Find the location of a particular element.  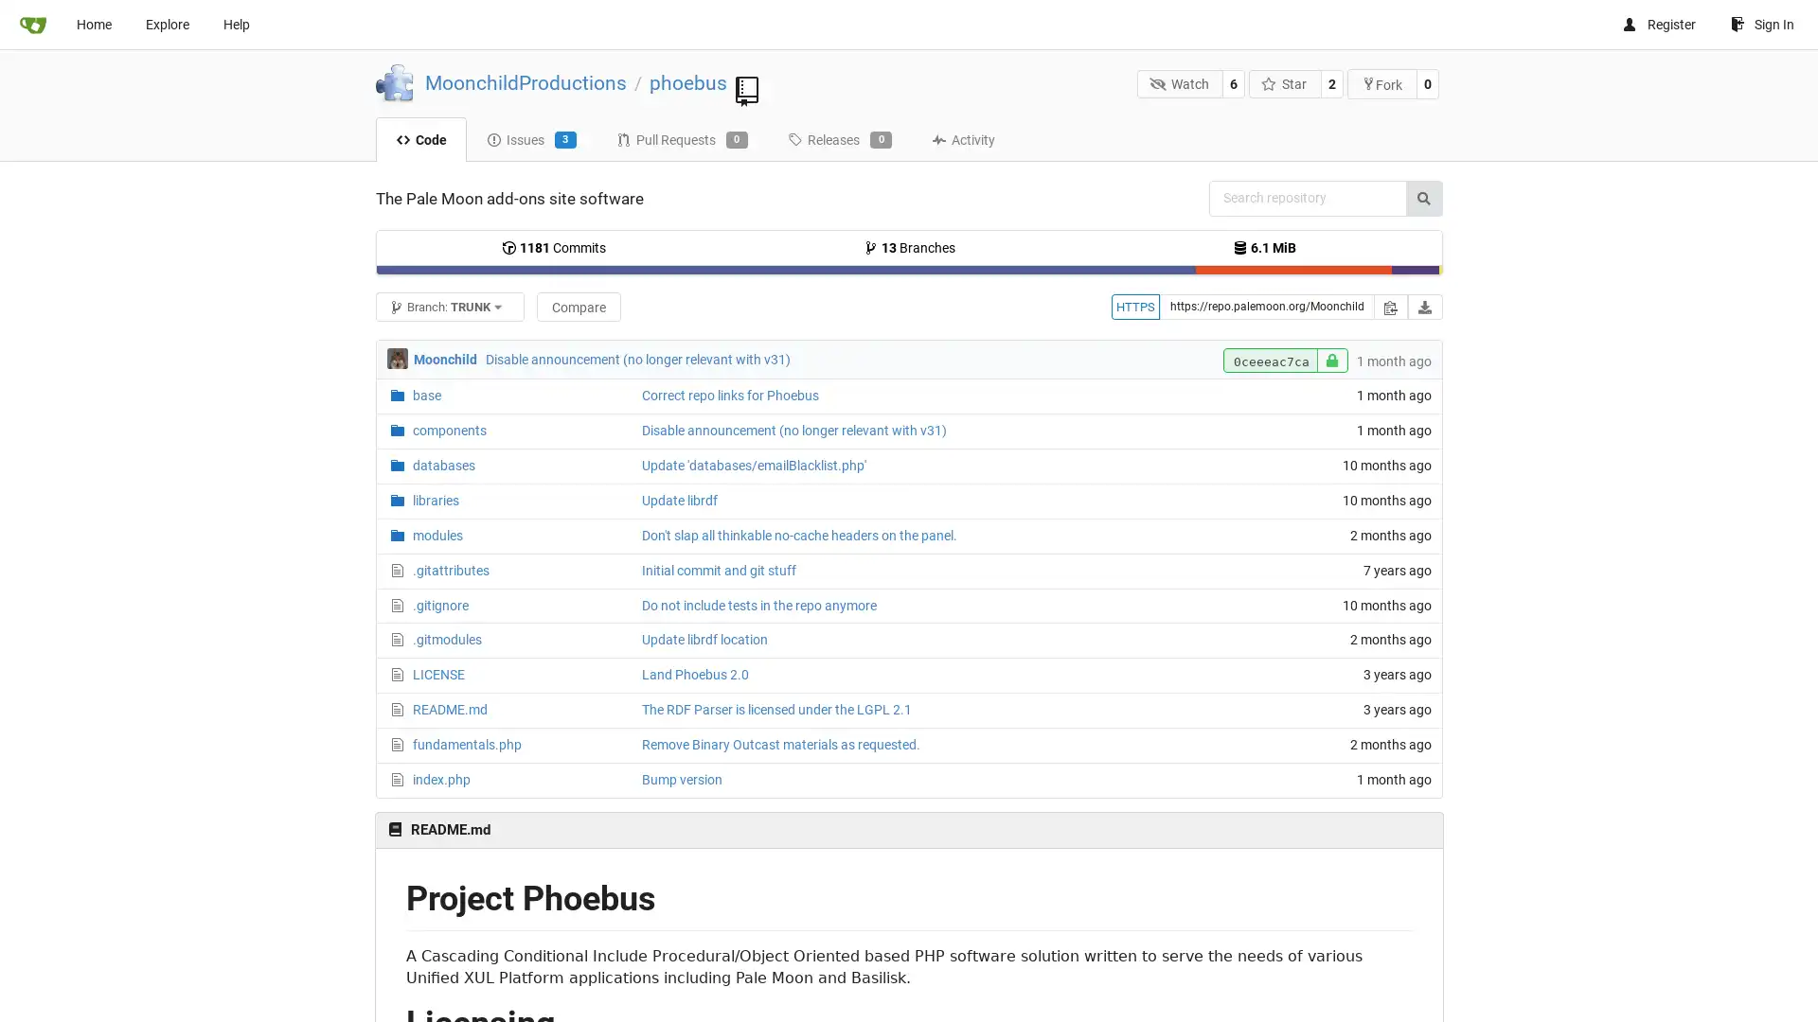

Star is located at coordinates (1285, 82).